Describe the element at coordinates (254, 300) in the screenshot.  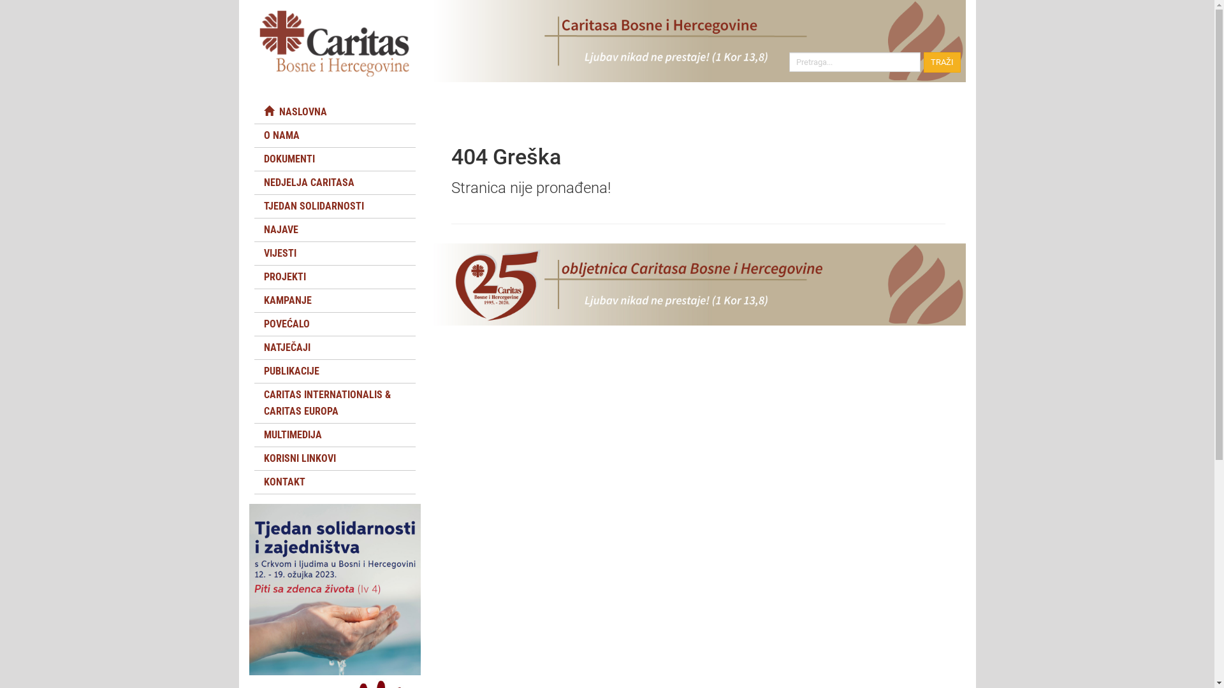
I see `'KAMPANJE'` at that location.